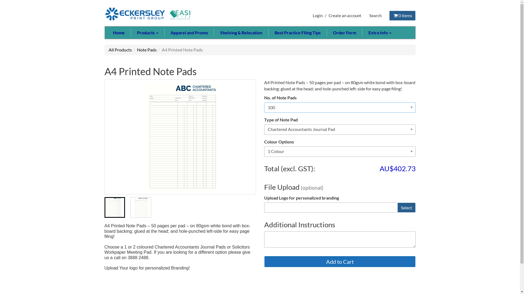 The height and width of the screenshot is (294, 524). I want to click on 'Create an account', so click(344, 15).